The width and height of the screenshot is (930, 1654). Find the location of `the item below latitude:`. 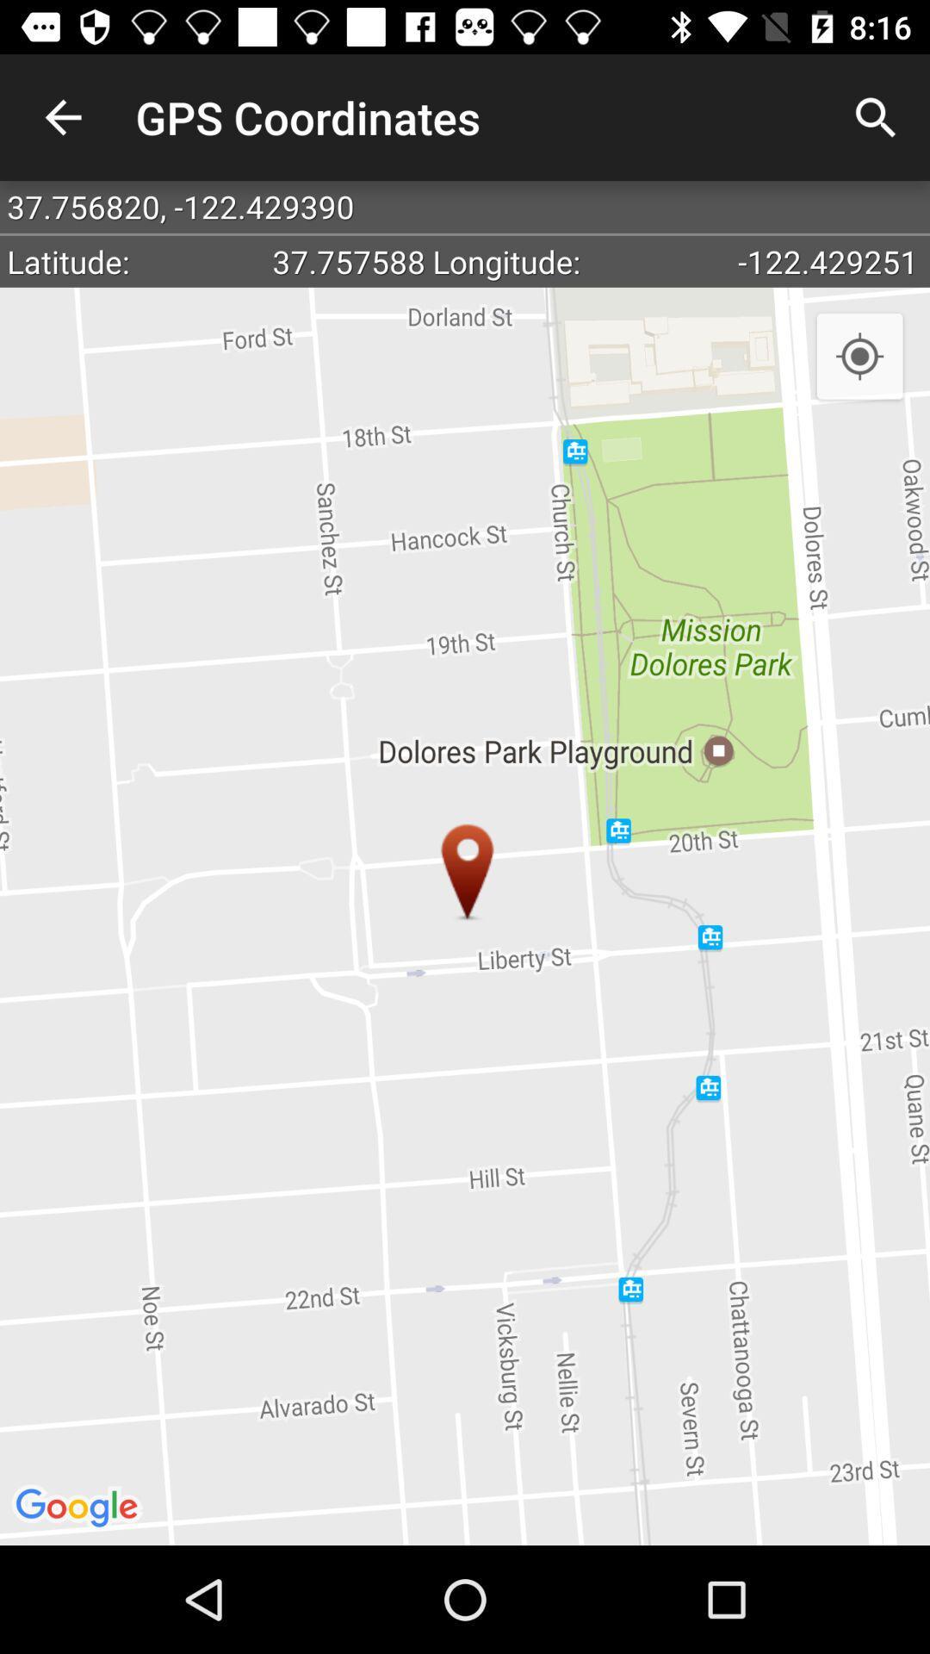

the item below latitude: is located at coordinates (465, 915).